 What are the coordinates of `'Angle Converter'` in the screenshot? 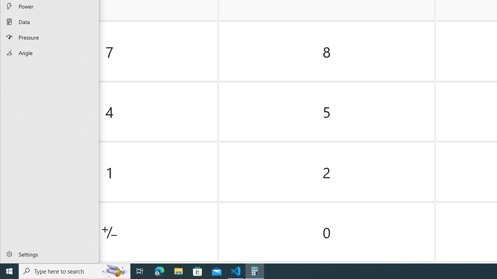 It's located at (49, 52).